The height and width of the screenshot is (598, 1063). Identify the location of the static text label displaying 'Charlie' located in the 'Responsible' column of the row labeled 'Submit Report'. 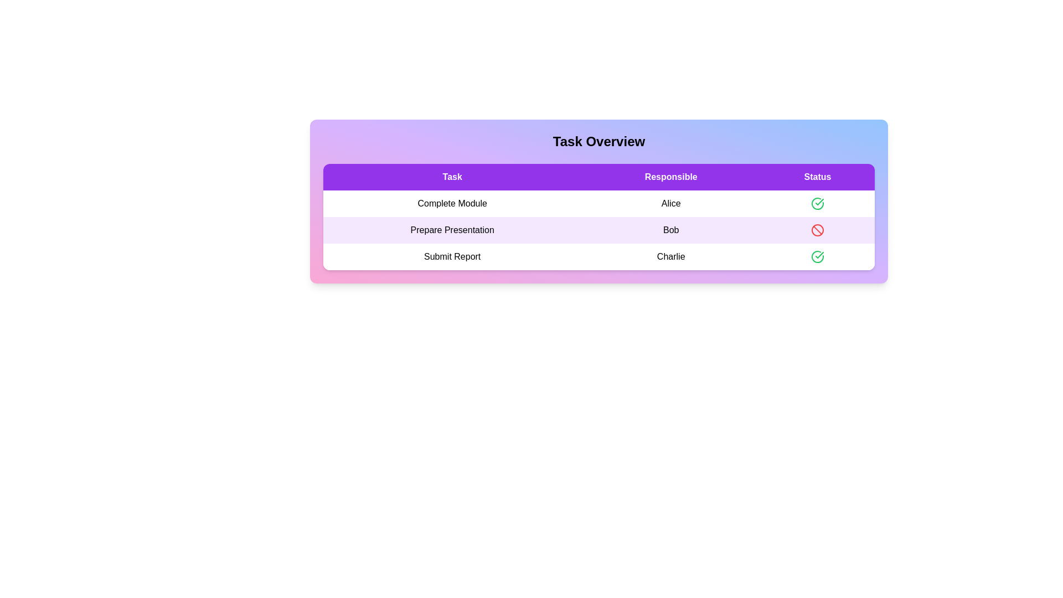
(670, 256).